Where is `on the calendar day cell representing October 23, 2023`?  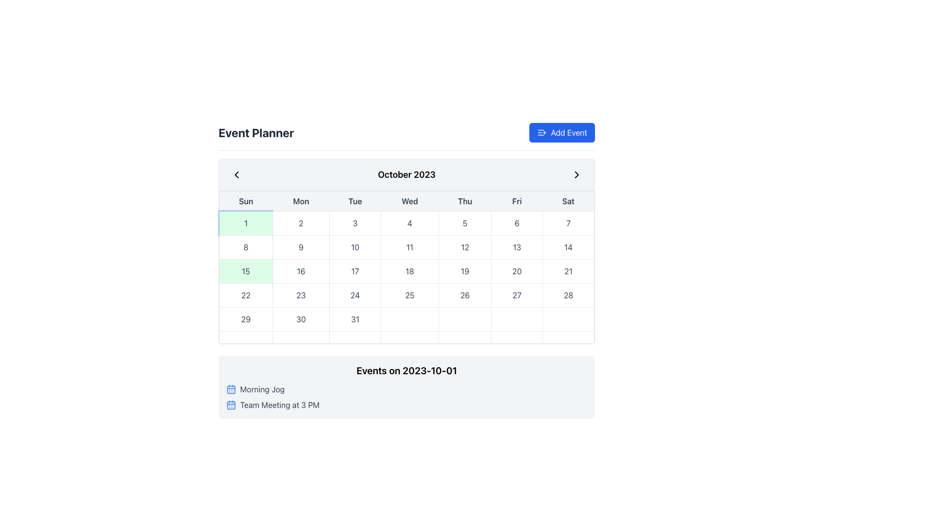
on the calendar day cell representing October 23, 2023 is located at coordinates (300, 294).